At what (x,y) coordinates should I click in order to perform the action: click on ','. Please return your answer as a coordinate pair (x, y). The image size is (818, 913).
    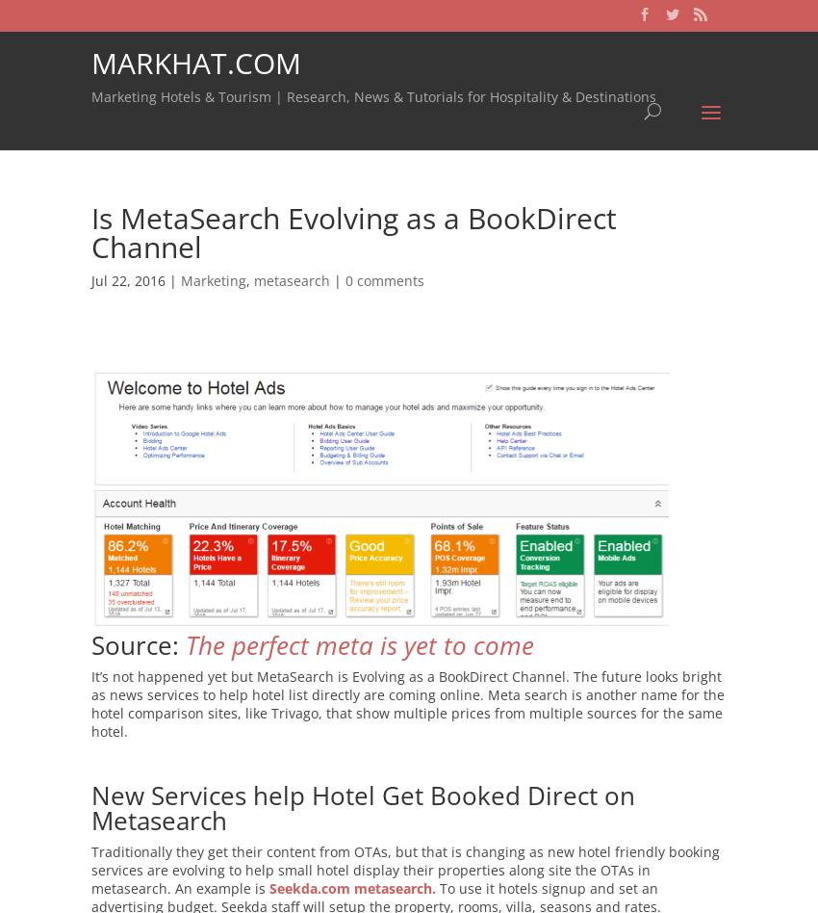
    Looking at the image, I should click on (249, 280).